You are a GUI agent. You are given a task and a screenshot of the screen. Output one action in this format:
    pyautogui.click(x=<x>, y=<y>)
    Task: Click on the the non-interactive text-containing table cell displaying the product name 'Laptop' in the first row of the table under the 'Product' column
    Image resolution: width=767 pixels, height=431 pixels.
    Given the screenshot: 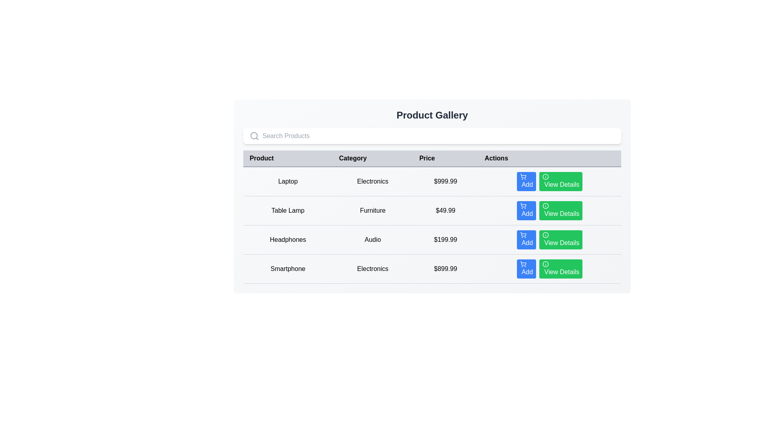 What is the action you would take?
    pyautogui.click(x=288, y=181)
    